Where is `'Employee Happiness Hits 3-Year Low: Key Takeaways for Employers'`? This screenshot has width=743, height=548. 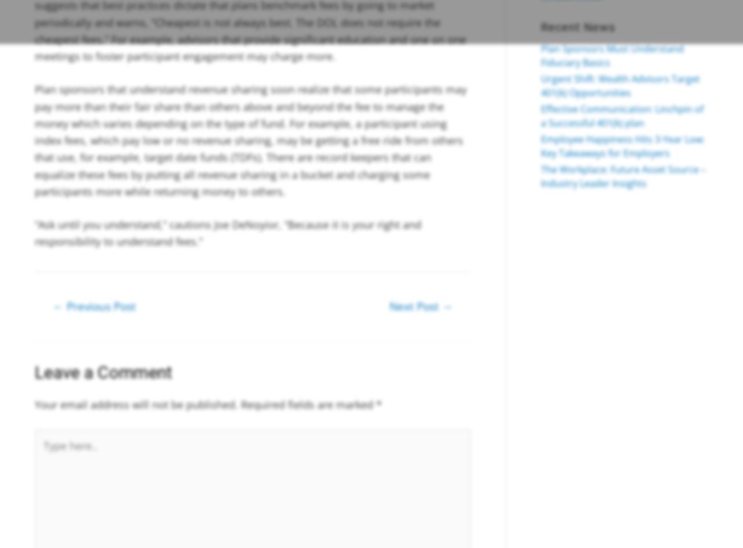 'Employee Happiness Hits 3-Year Low: Key Takeaways for Employers' is located at coordinates (540, 146).